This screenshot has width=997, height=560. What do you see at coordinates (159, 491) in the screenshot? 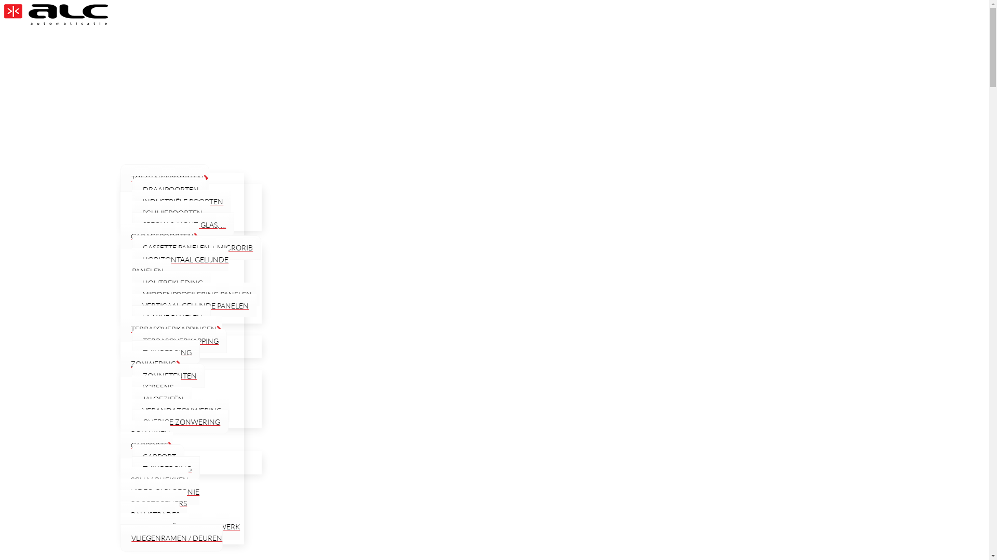
I see `'VIDEO-PARLOFONIE'` at bounding box center [159, 491].